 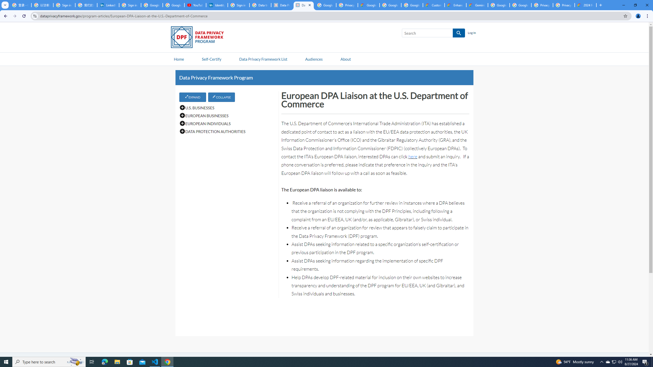 What do you see at coordinates (498, 5) in the screenshot?
I see `'Google Cloud Platform'` at bounding box center [498, 5].